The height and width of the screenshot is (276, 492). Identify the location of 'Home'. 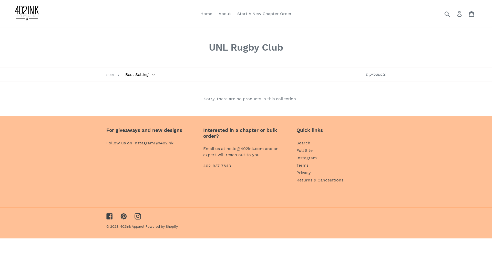
(206, 14).